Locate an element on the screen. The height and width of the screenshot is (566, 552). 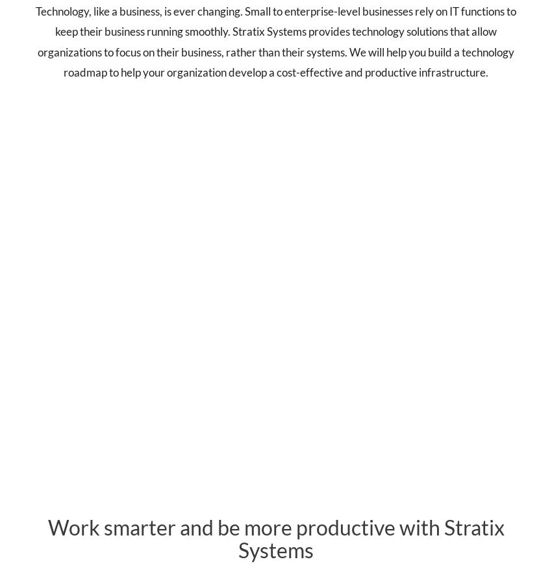
'Work smarter and be more productive with Stratix Systems' is located at coordinates (275, 538).